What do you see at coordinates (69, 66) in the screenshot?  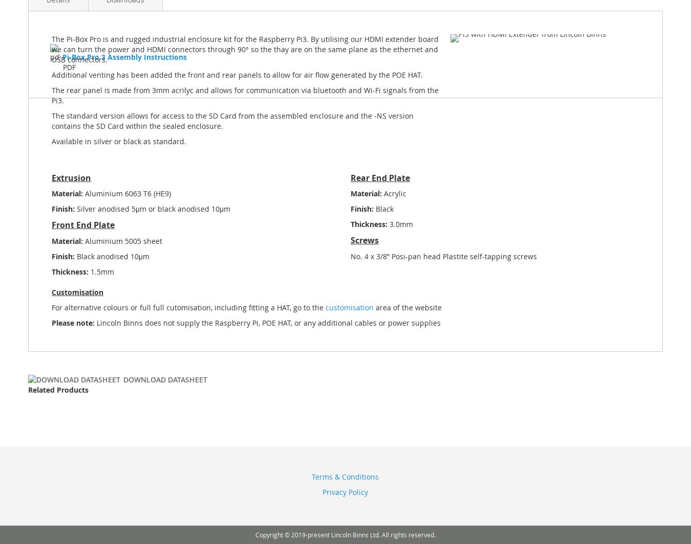 I see `'PDF'` at bounding box center [69, 66].